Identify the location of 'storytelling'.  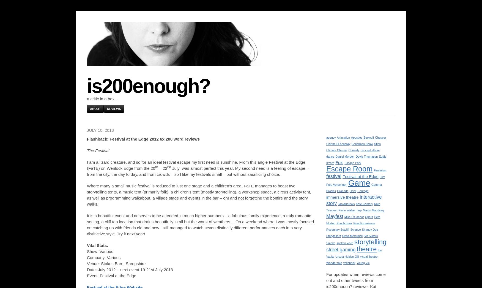
(370, 242).